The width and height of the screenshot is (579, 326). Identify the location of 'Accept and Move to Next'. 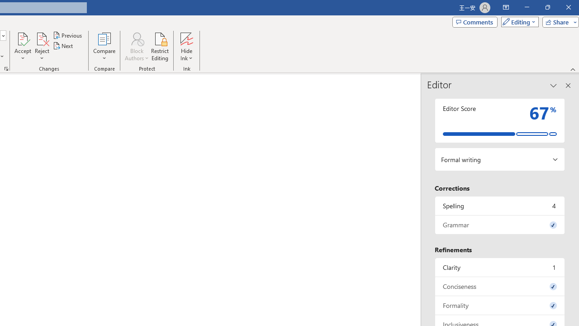
(23, 38).